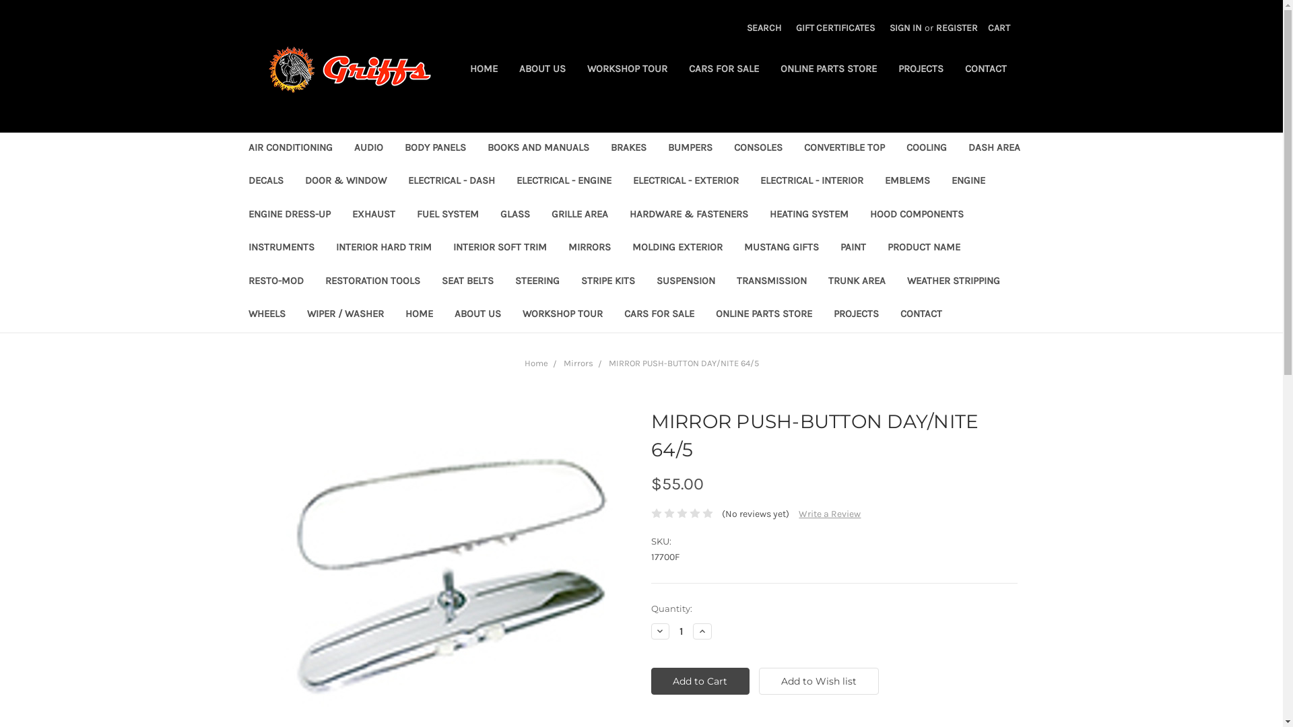 The image size is (1293, 727). I want to click on 'HARDWARE & FASTENERS', so click(688, 215).